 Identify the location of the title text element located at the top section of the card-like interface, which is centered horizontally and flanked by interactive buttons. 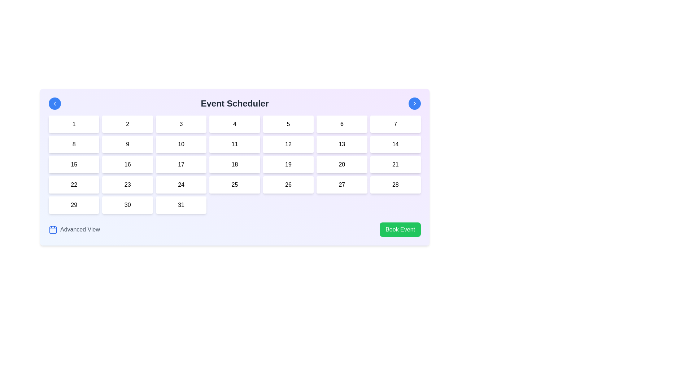
(235, 103).